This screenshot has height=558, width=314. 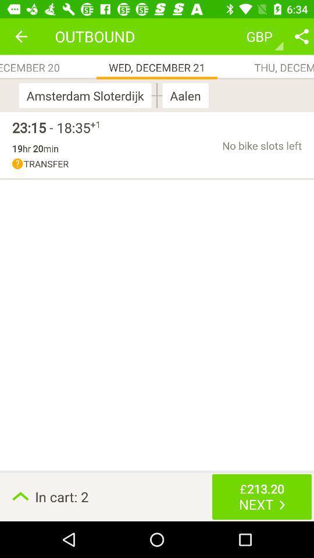 What do you see at coordinates (301, 36) in the screenshot?
I see `share` at bounding box center [301, 36].